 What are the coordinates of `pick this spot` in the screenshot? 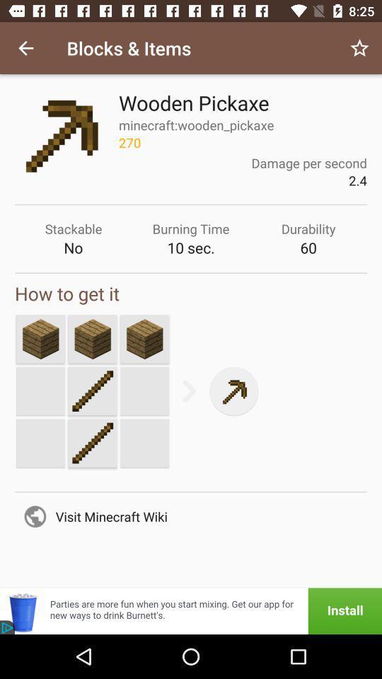 It's located at (144, 339).